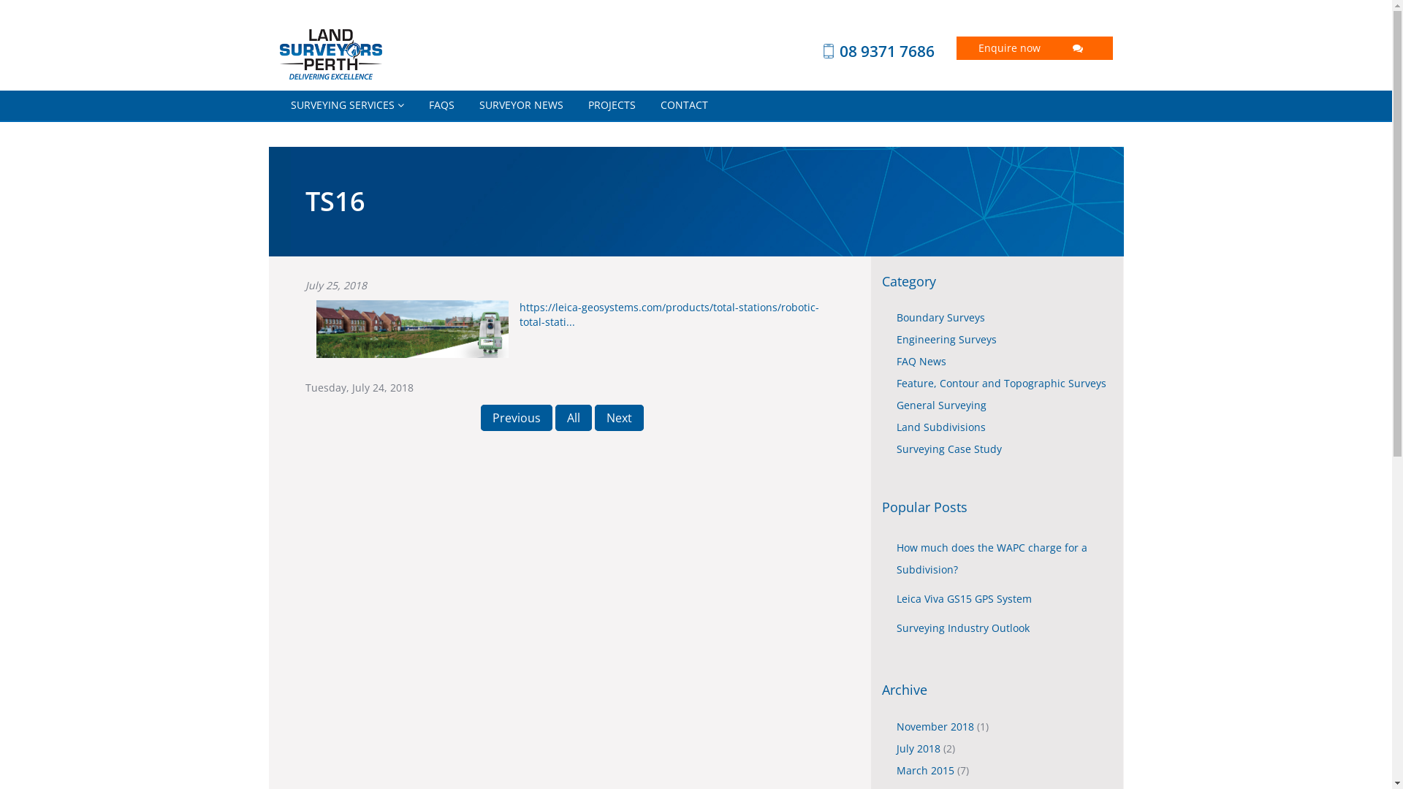  Describe the element at coordinates (896, 726) in the screenshot. I see `'November 2018'` at that location.